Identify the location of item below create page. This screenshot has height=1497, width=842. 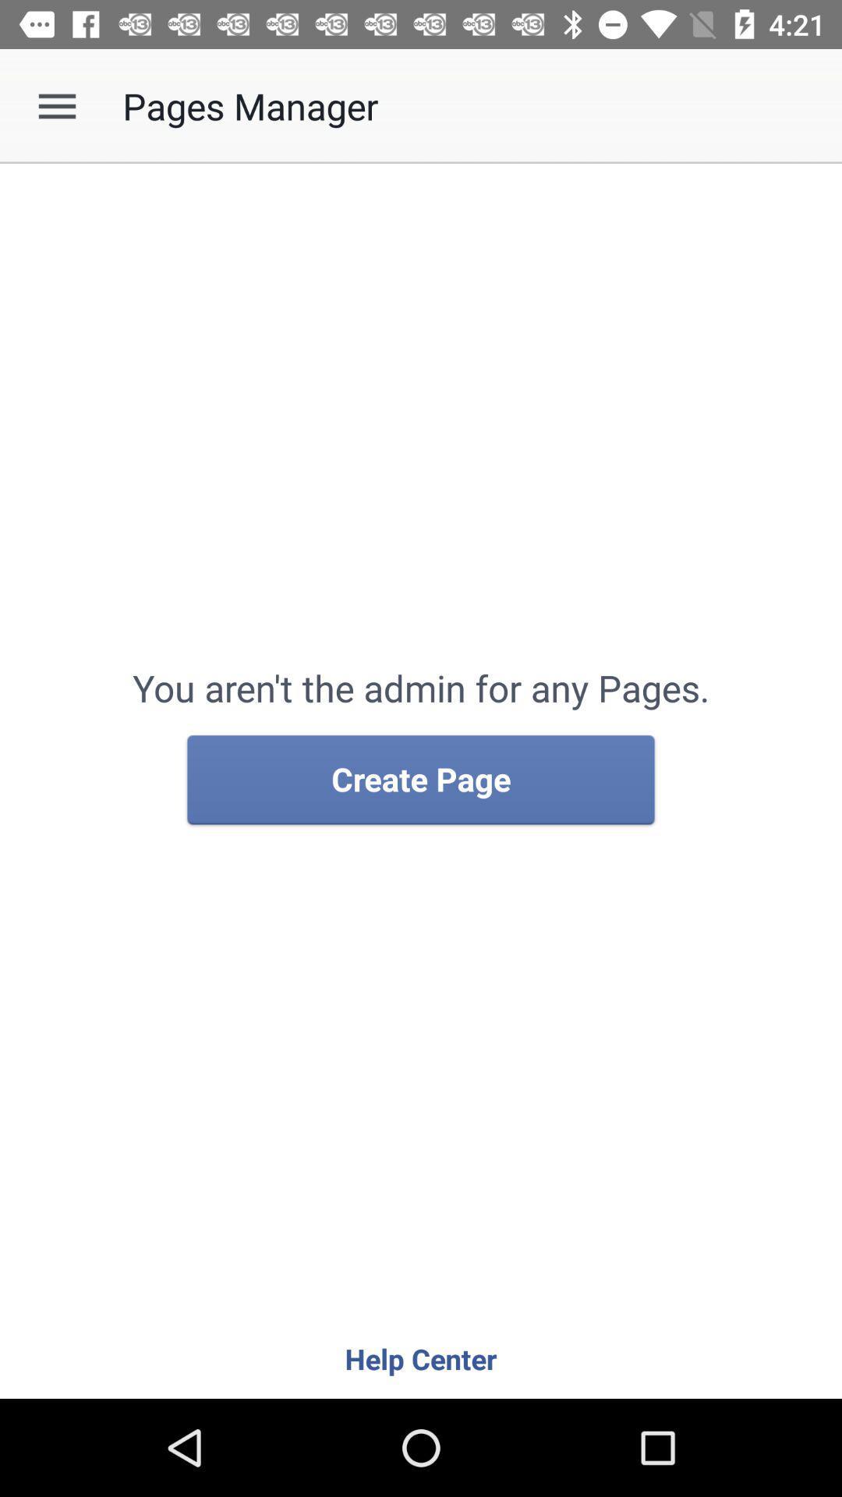
(421, 1357).